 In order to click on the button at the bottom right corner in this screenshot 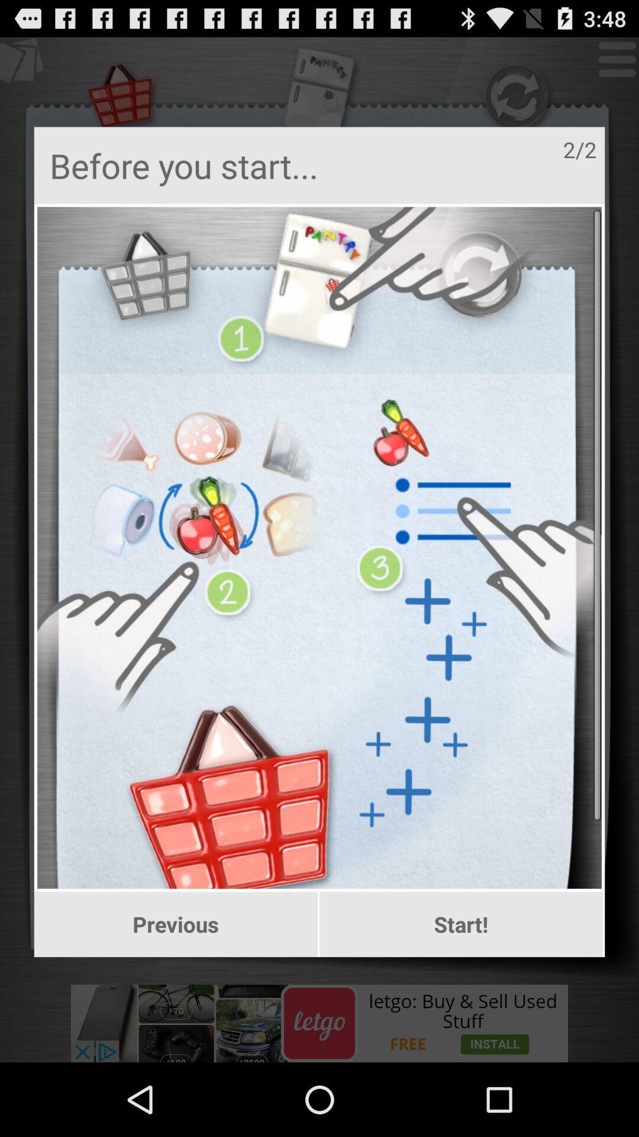, I will do `click(460, 924)`.